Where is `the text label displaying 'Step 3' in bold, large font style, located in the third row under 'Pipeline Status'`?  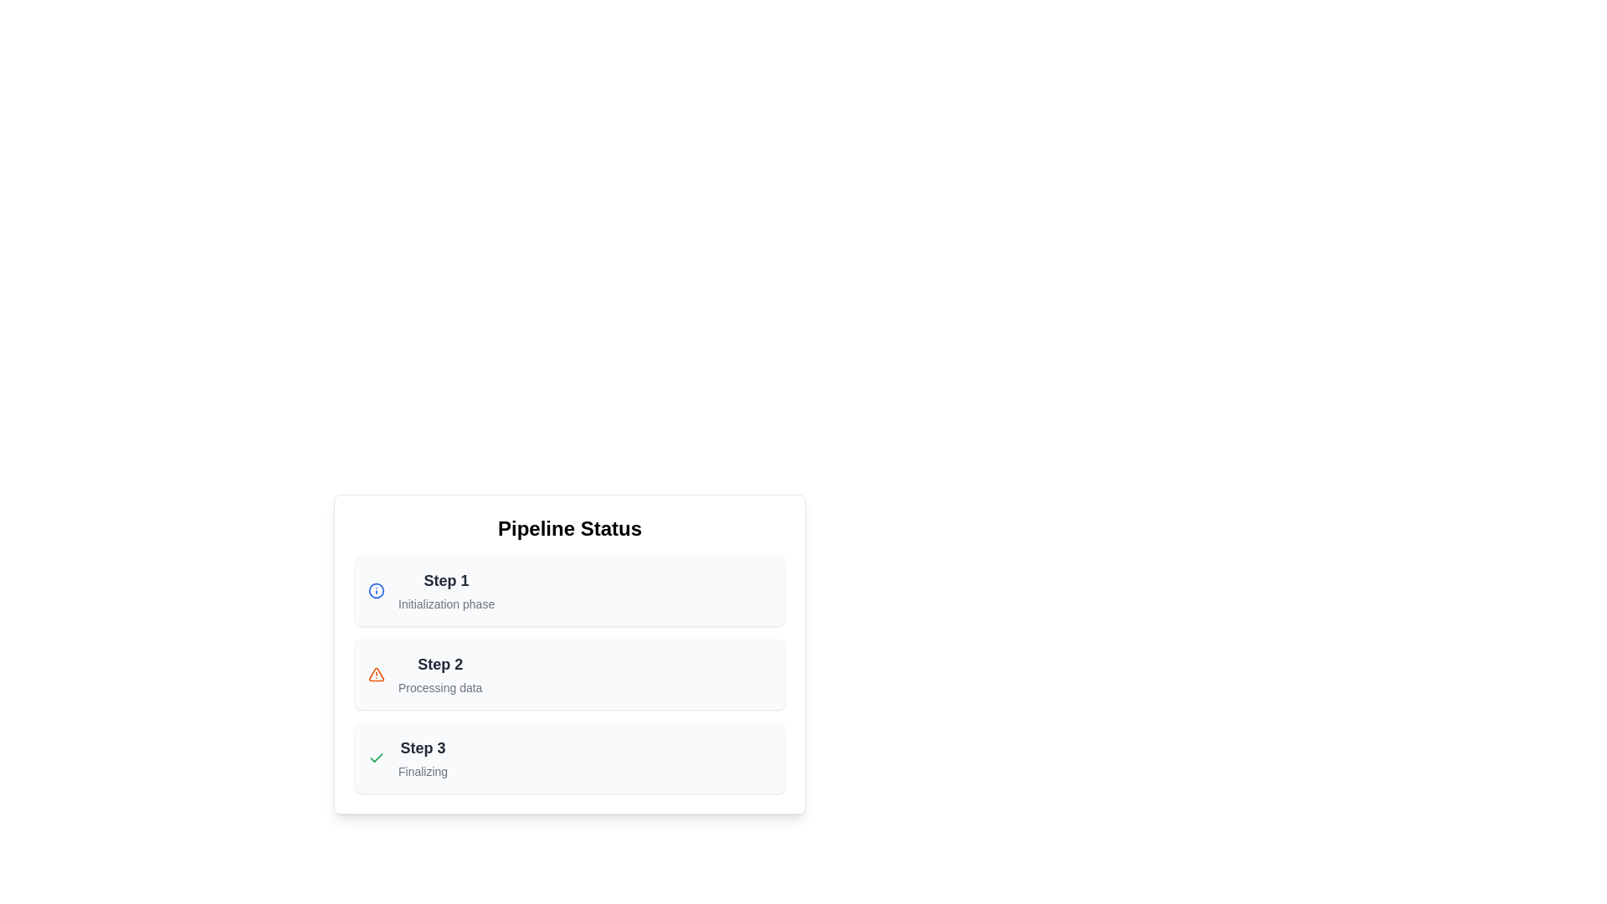
the text label displaying 'Step 3' in bold, large font style, located in the third row under 'Pipeline Status' is located at coordinates (423, 747).